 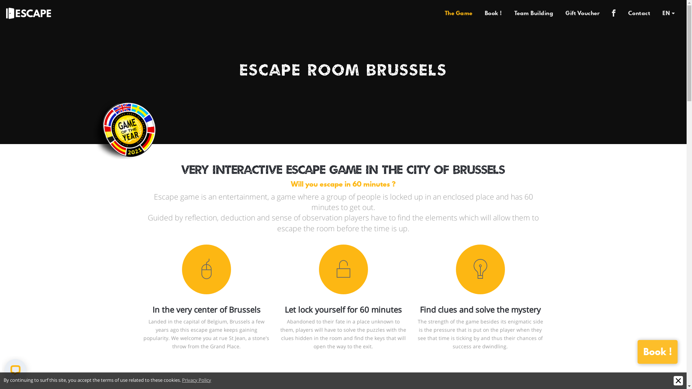 What do you see at coordinates (582, 13) in the screenshot?
I see `'Gift Voucher'` at bounding box center [582, 13].